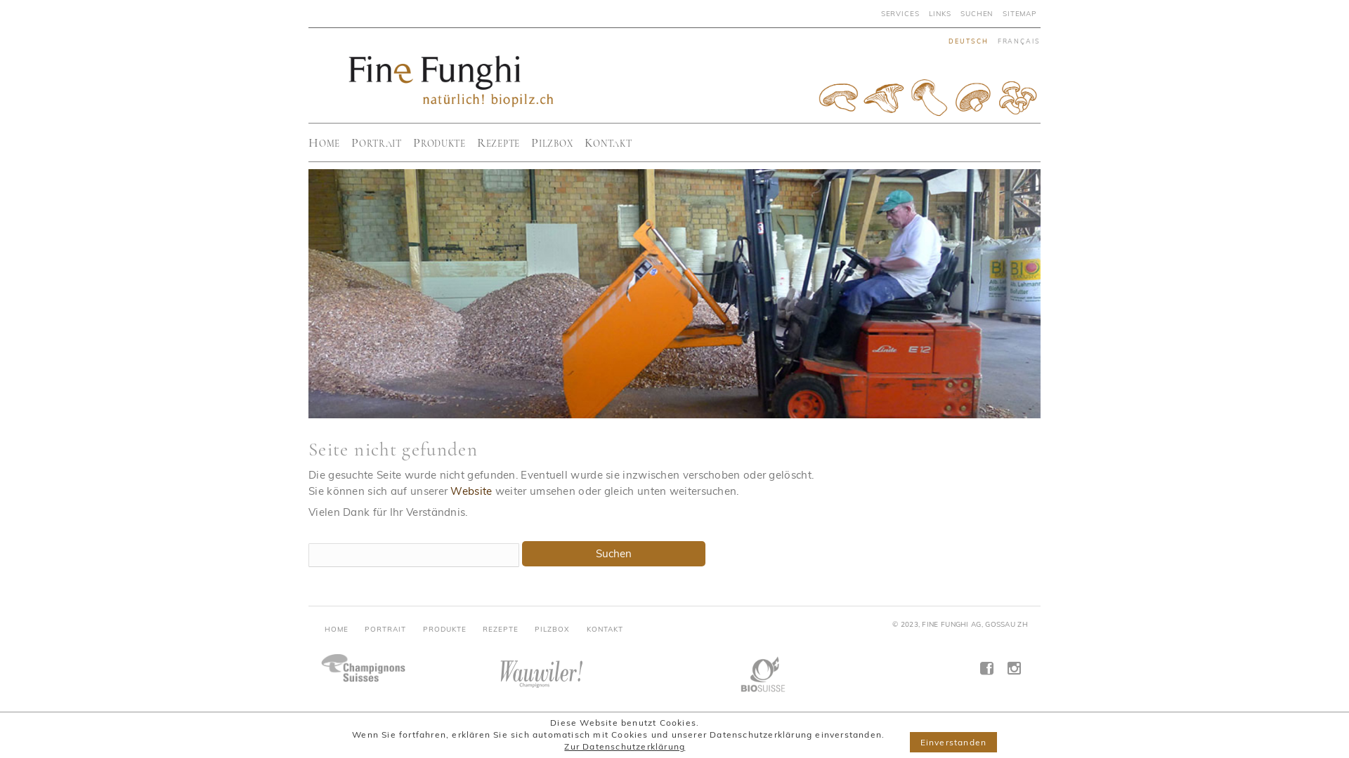  Describe the element at coordinates (329, 142) in the screenshot. I see `'Home'` at that location.